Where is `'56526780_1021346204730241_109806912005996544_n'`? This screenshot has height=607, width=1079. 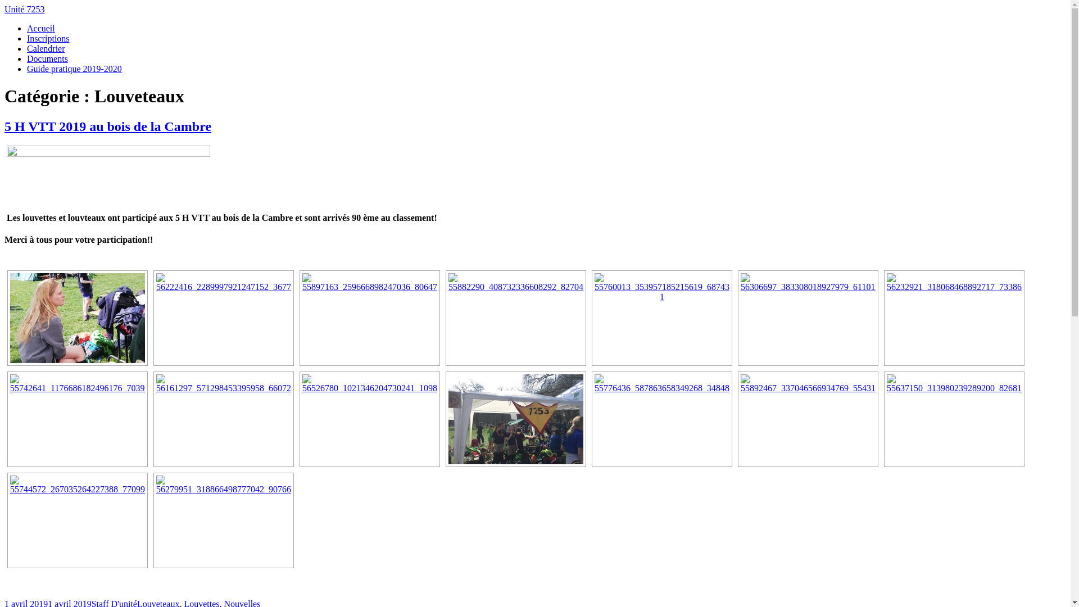 '56526780_1021346204730241_109806912005996544_n' is located at coordinates (369, 419).